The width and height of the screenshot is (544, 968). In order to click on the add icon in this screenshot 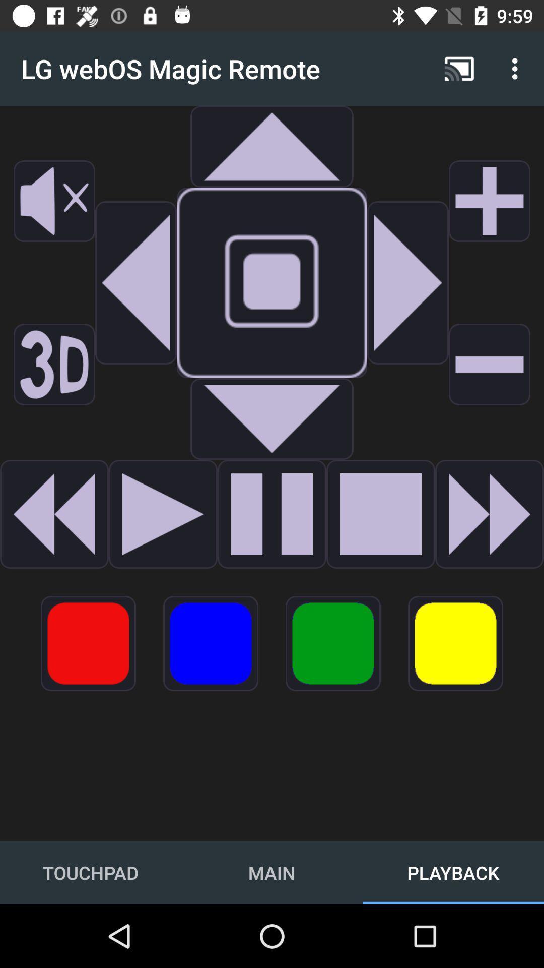, I will do `click(489, 201)`.